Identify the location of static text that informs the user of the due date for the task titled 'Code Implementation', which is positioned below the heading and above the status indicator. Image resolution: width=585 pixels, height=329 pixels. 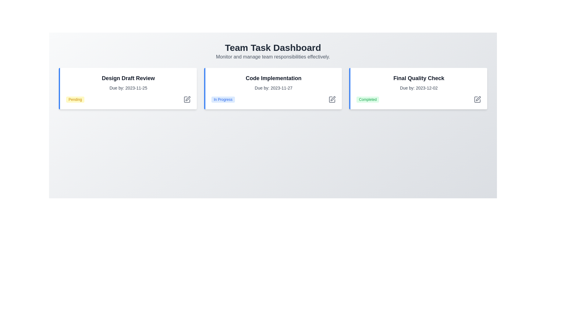
(273, 88).